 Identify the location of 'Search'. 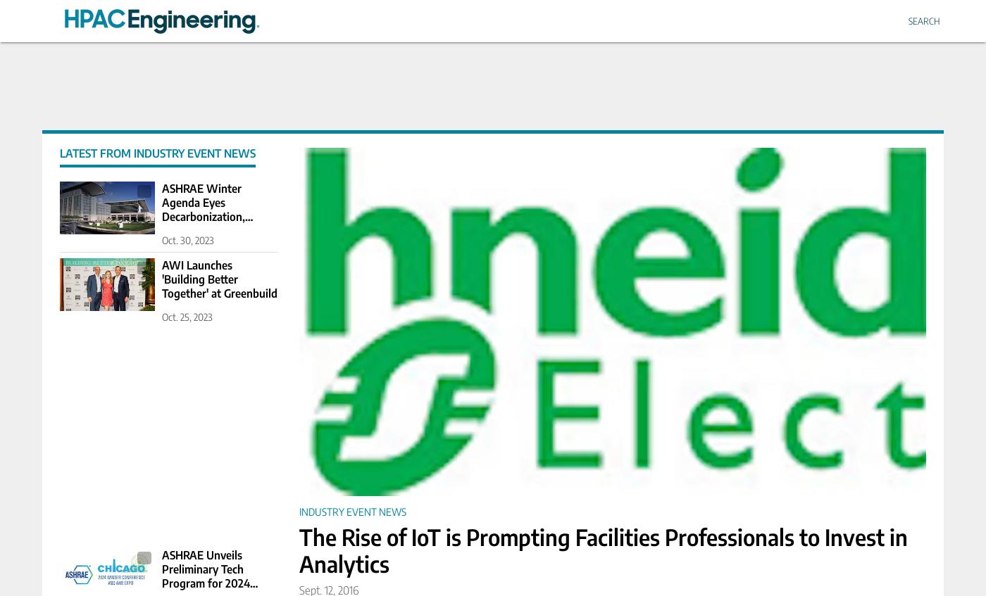
(924, 20).